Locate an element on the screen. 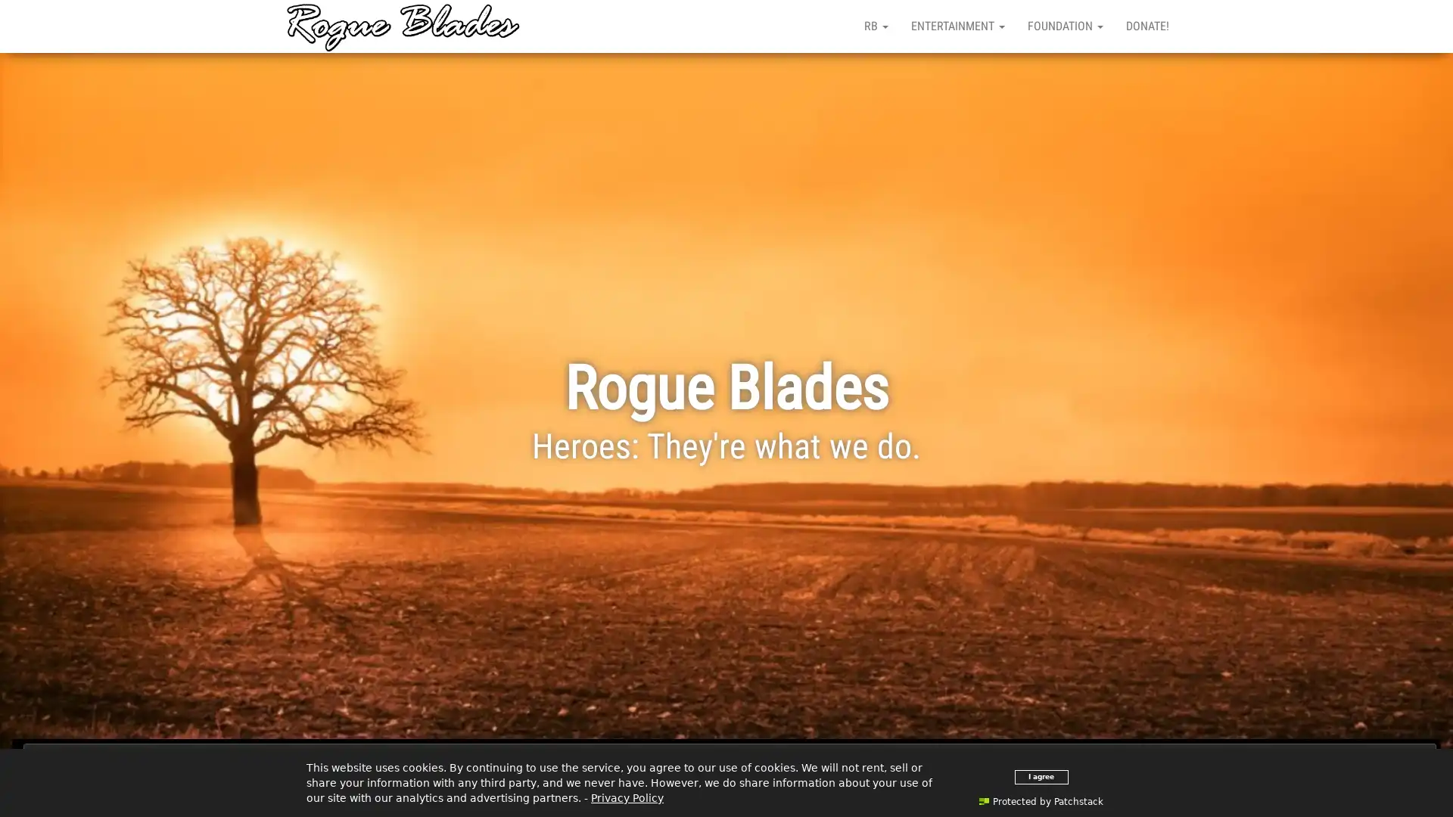  I agree is located at coordinates (1040, 776).